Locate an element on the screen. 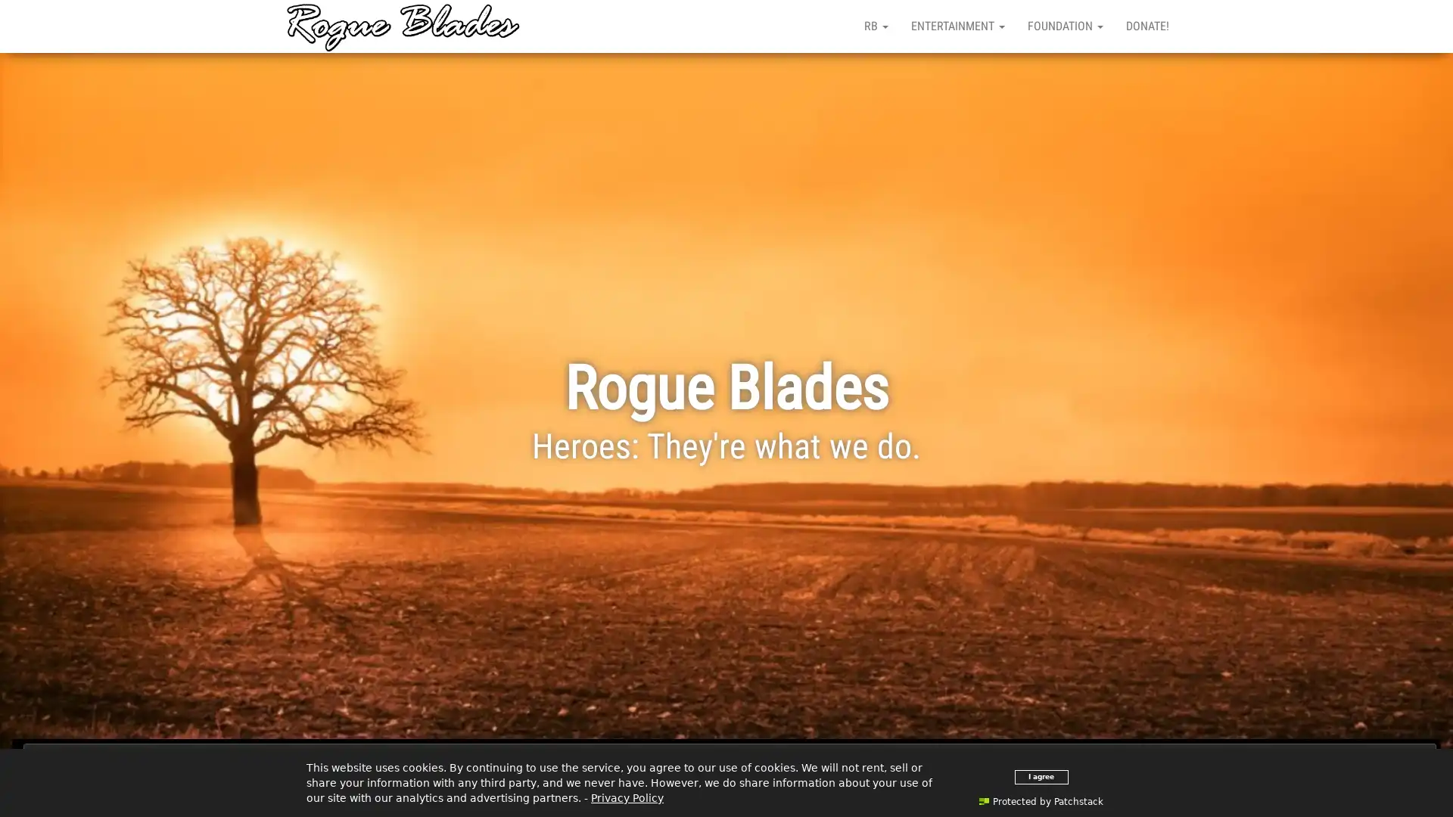  I agree is located at coordinates (1040, 776).